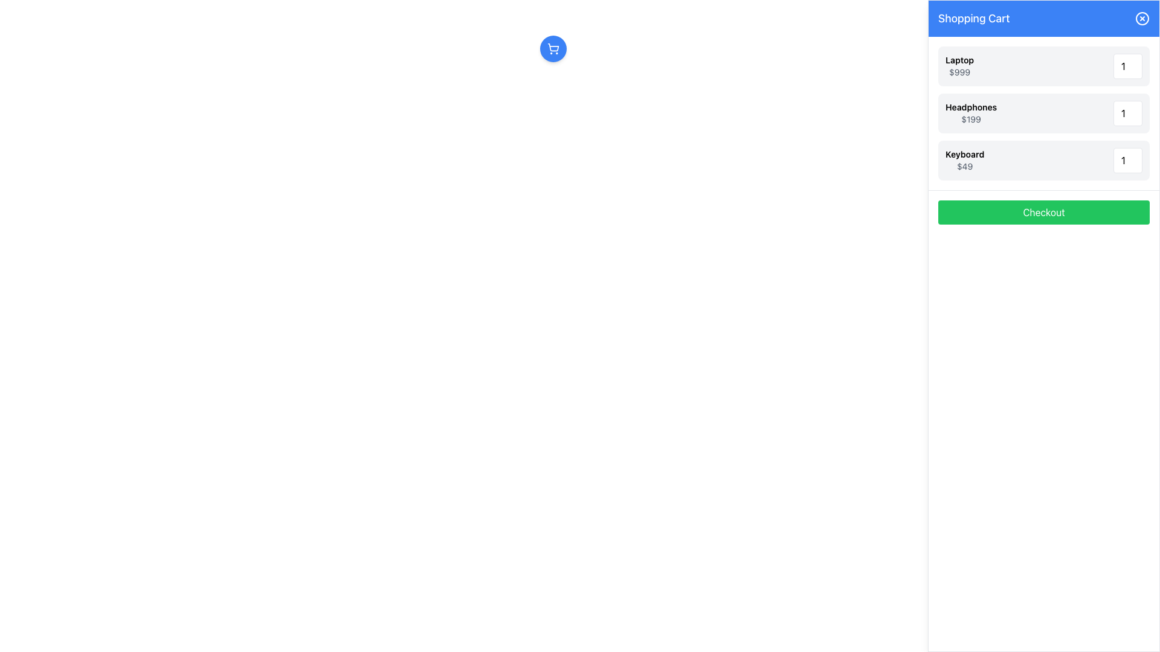  What do you see at coordinates (964, 160) in the screenshot?
I see `the 'Keyboard' text display in the Shopping Cart section, which shows the price '$49' in a smaller, light gray font, located in a rounded rectangle card` at bounding box center [964, 160].